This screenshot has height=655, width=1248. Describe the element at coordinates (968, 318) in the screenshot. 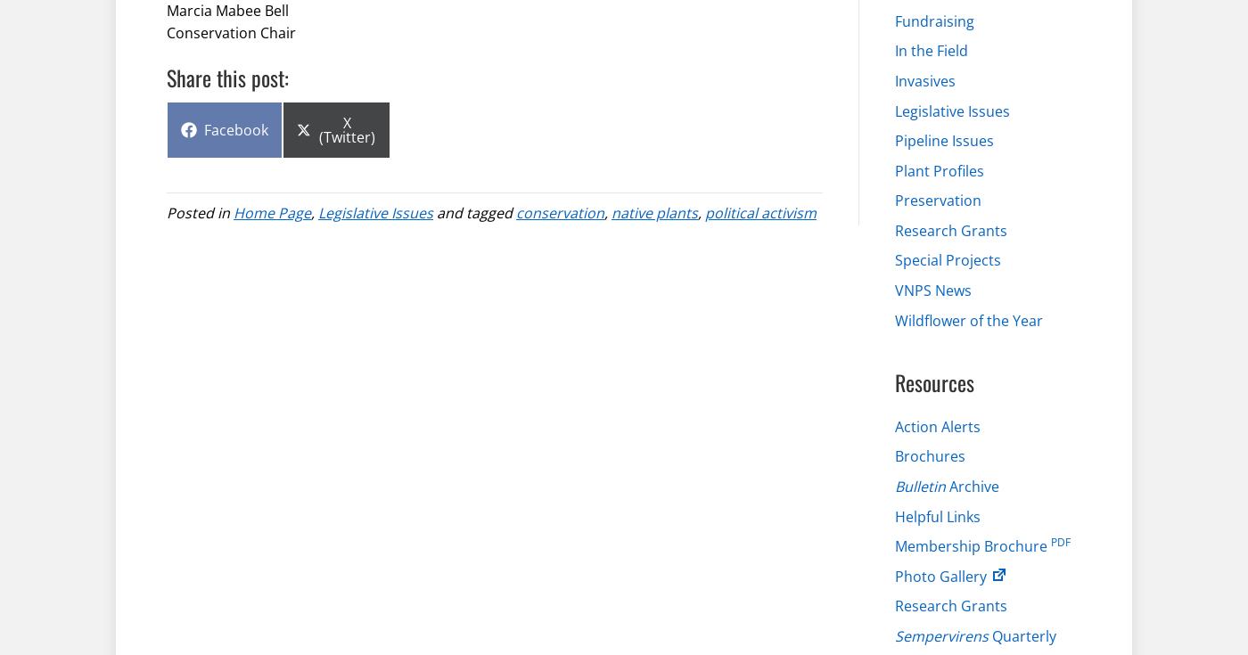

I see `'Wildflower of the Year'` at that location.